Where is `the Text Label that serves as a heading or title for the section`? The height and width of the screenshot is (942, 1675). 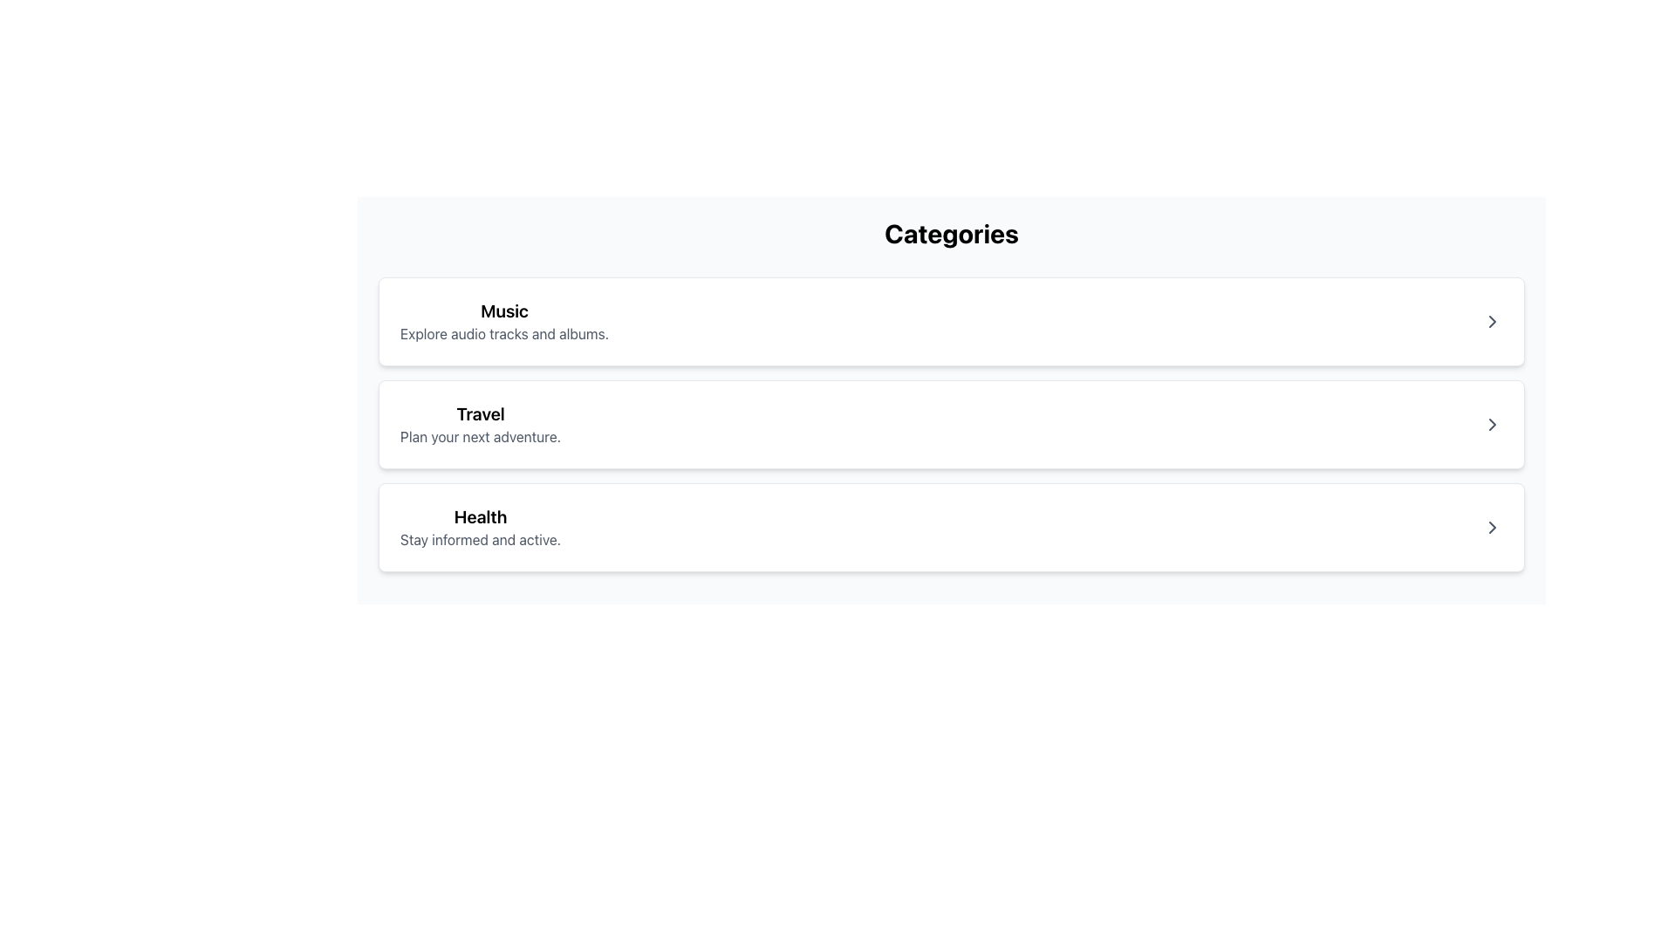
the Text Label that serves as a heading or title for the section is located at coordinates (503, 311).